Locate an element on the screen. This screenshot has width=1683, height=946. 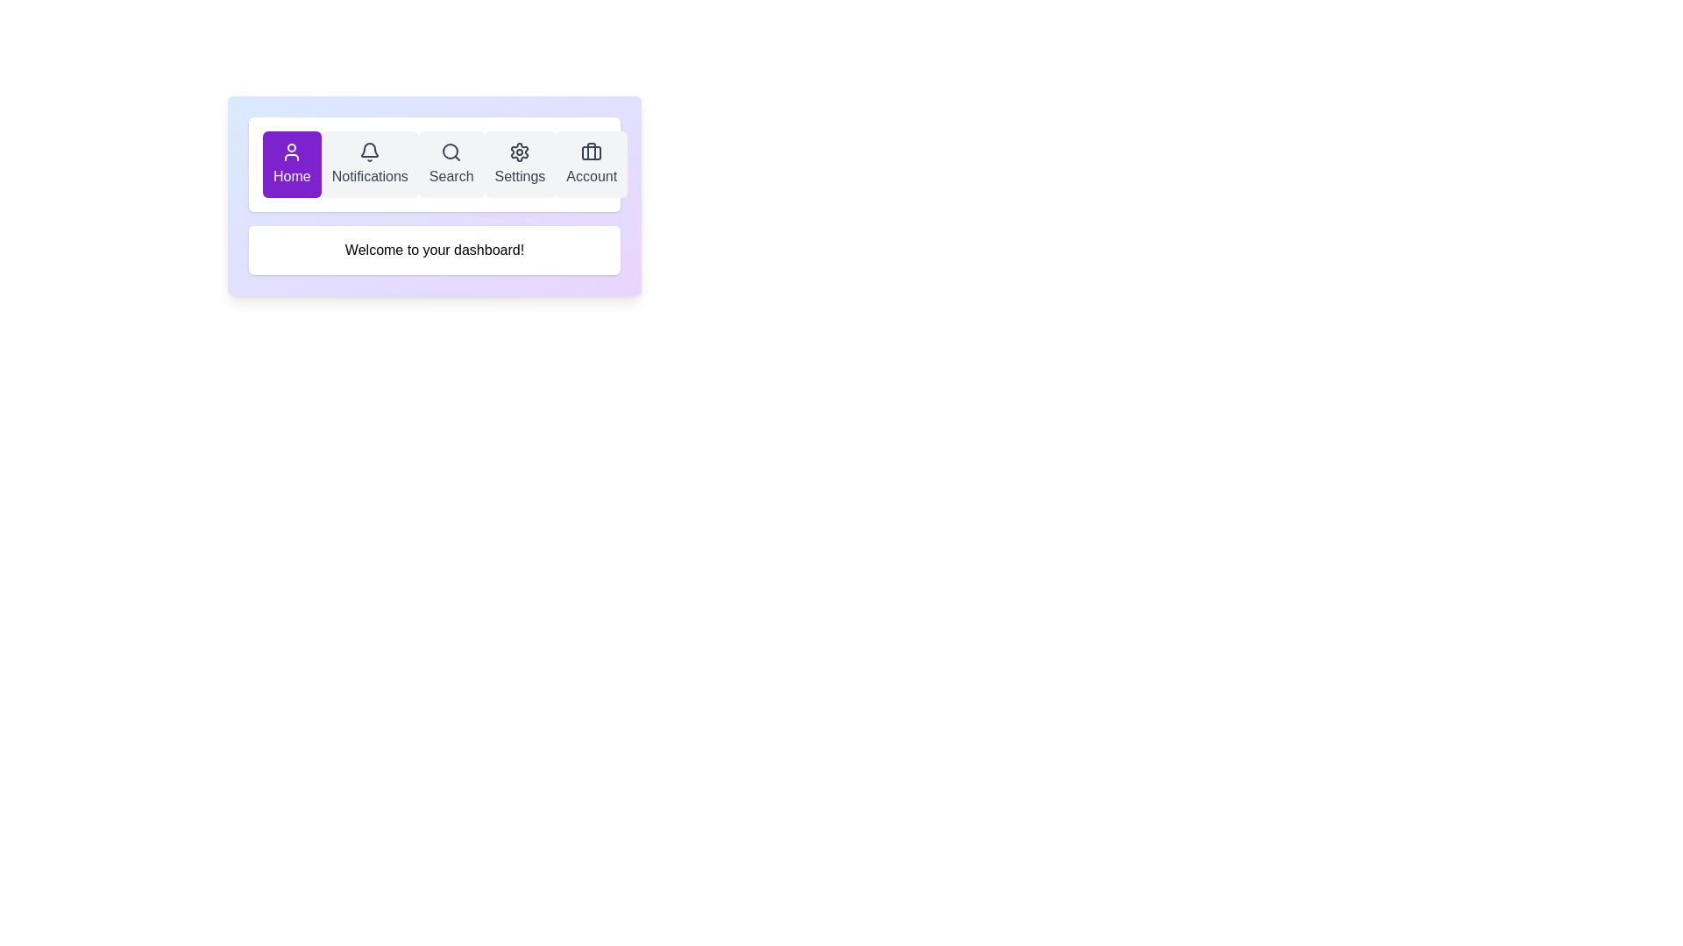
the static text block that greets the user on their dashboard, located beneath the navigation bar and centered horizontally is located at coordinates (434, 250).